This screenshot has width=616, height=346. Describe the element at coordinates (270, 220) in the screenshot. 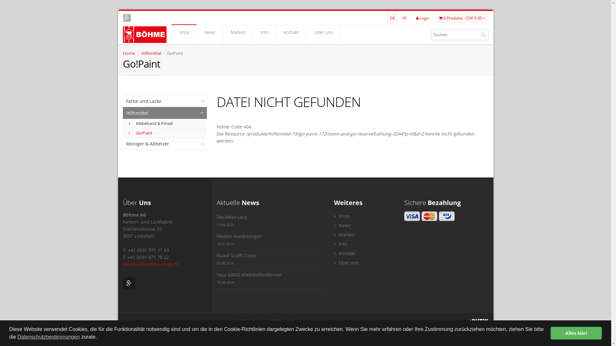

I see `'DecoWax Lacq` at that location.